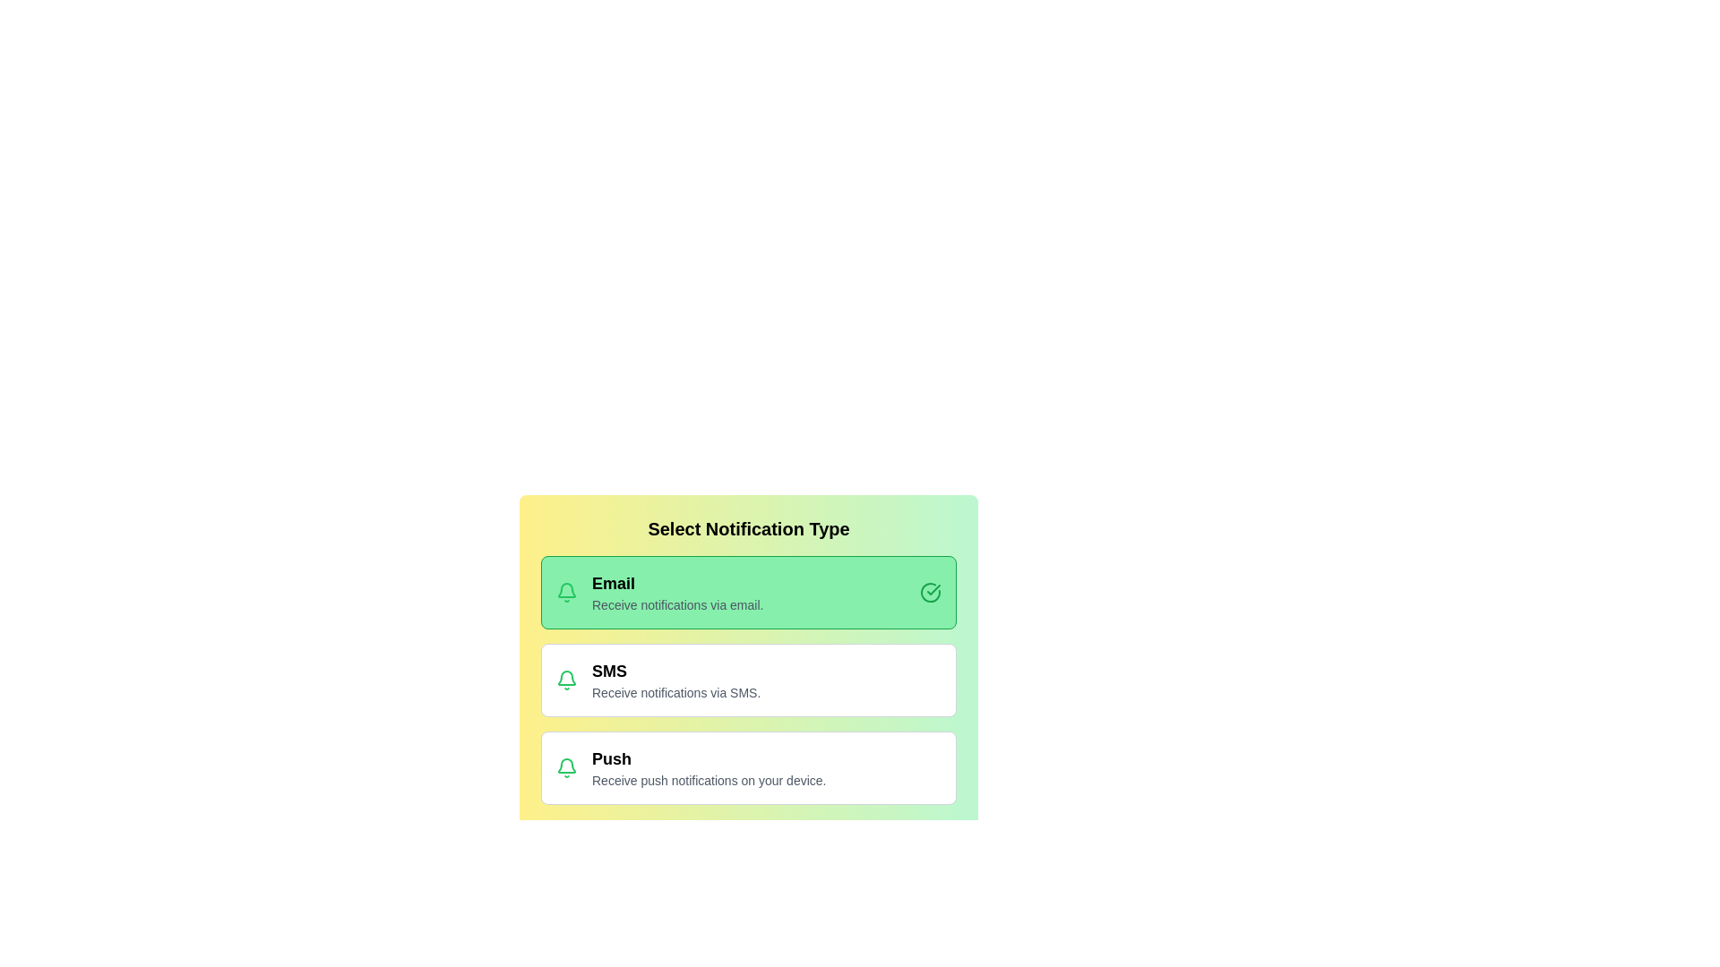 The image size is (1720, 967). Describe the element at coordinates (748, 527) in the screenshot. I see `the title text label that indicates the selection of a notification type, which is located at the top of the notification selection interface` at that location.